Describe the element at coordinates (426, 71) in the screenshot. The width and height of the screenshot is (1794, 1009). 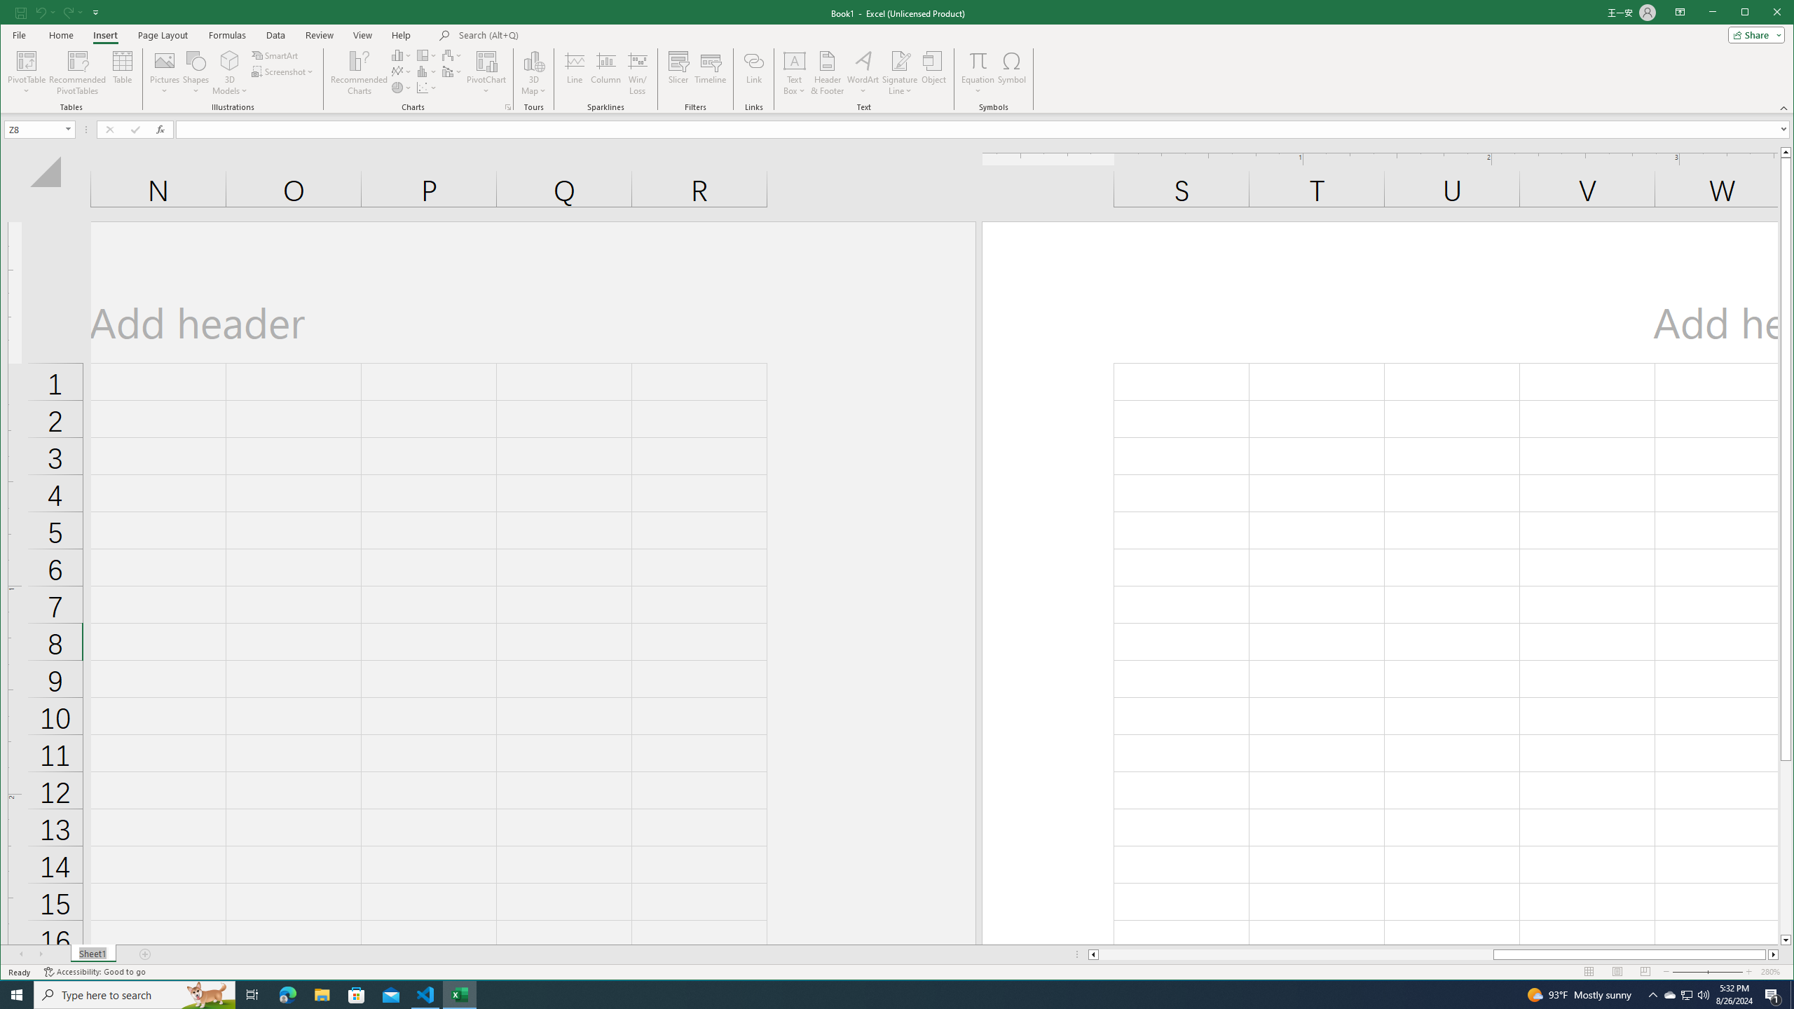
I see `'Insert Statistic Chart'` at that location.